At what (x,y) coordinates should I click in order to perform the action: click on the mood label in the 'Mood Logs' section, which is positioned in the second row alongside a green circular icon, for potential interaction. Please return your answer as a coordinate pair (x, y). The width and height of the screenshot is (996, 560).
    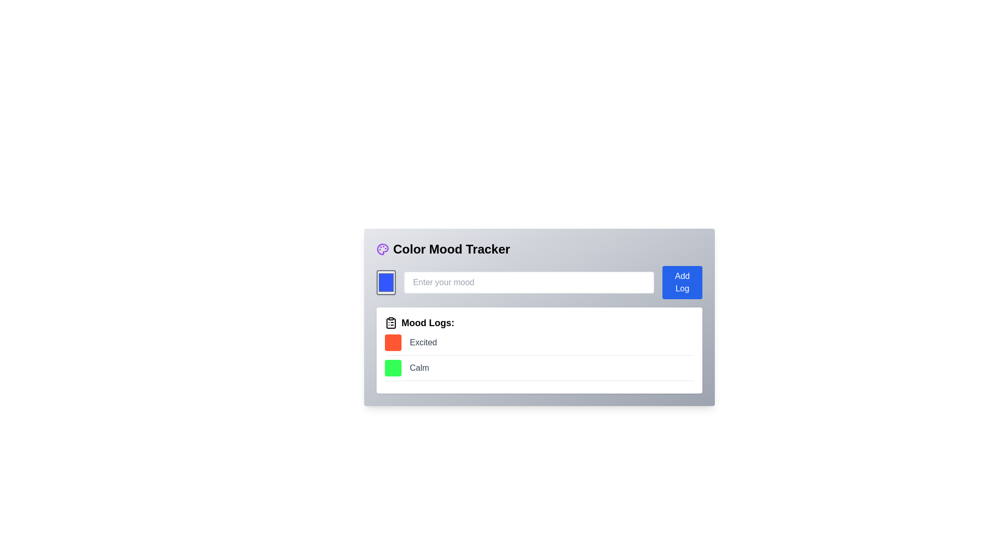
    Looking at the image, I should click on (419, 367).